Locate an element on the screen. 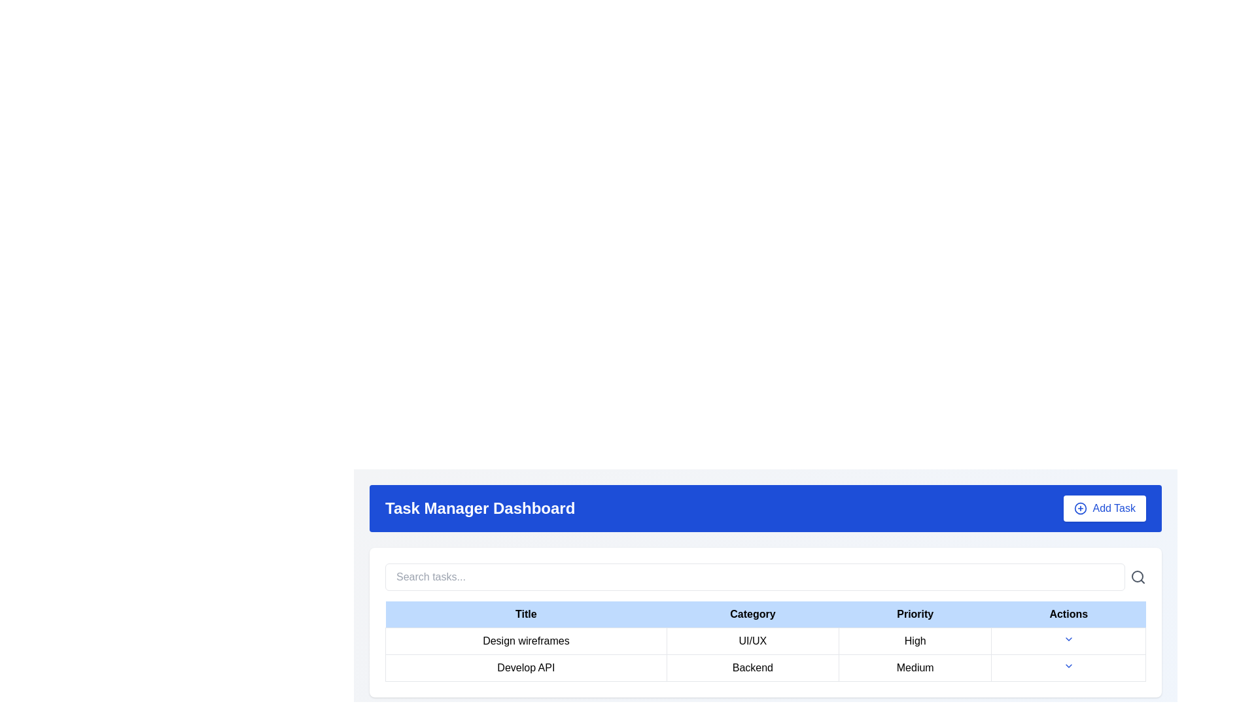 The width and height of the screenshot is (1256, 706). the table header element labeled 'Priority', which is styled with a light blue background and black bold text, located in the third column of the table on the dashboard interface is located at coordinates (915, 614).